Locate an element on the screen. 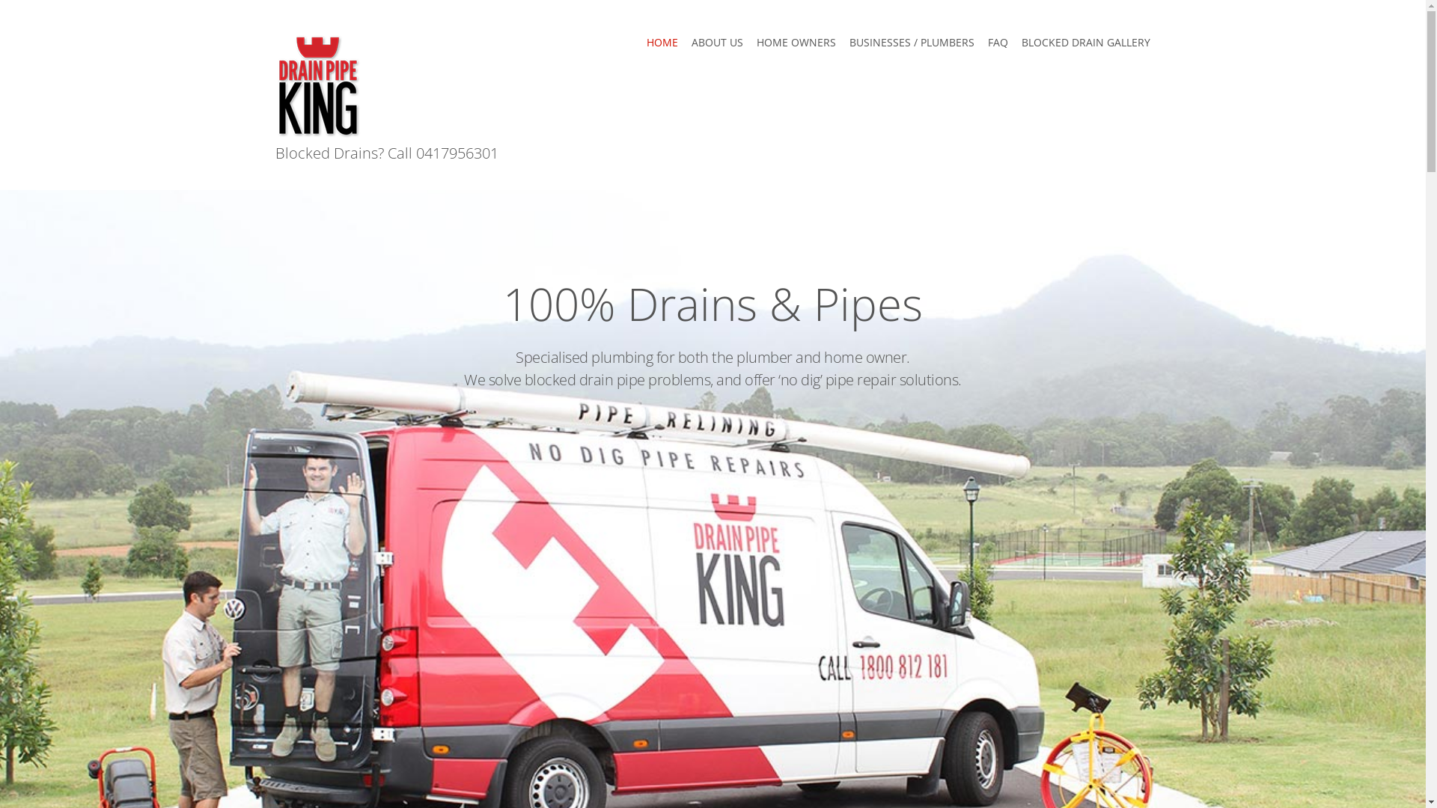  'ABOUT US' is located at coordinates (691, 42).